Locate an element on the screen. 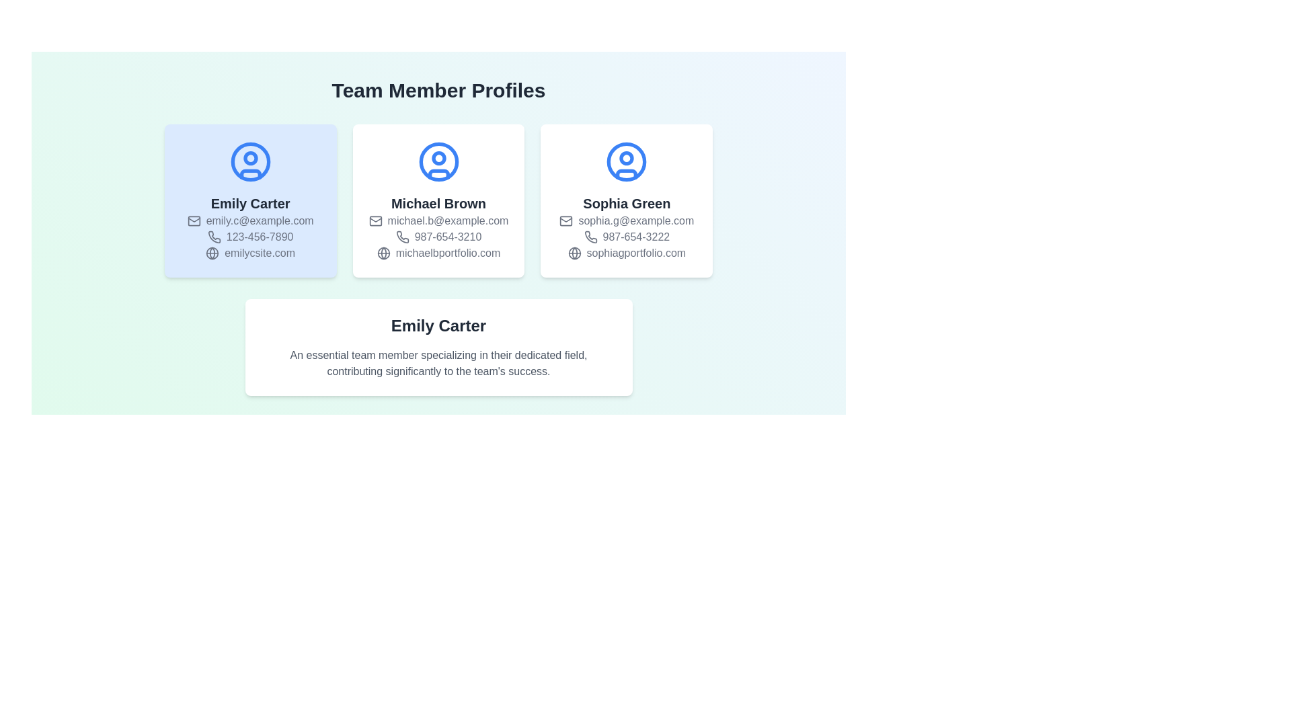 This screenshot has height=726, width=1291. the SVG circle element representing the globe in the profile card of 'Emily Carter' within the team member profiles section is located at coordinates (212, 253).